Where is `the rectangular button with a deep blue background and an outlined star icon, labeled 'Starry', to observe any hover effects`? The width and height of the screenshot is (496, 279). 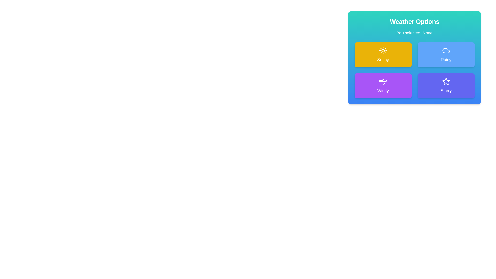
the rectangular button with a deep blue background and an outlined star icon, labeled 'Starry', to observe any hover effects is located at coordinates (446, 85).